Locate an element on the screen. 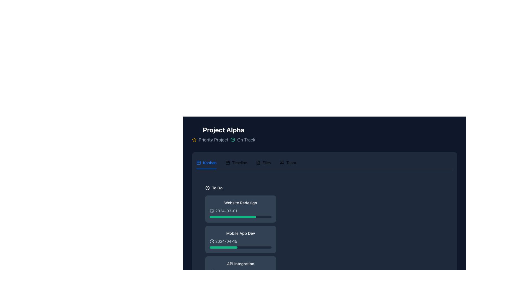  the 'Timeline' tab located in the horizontal navigation bar below the project title 'Project Alpha' is located at coordinates (246, 162).